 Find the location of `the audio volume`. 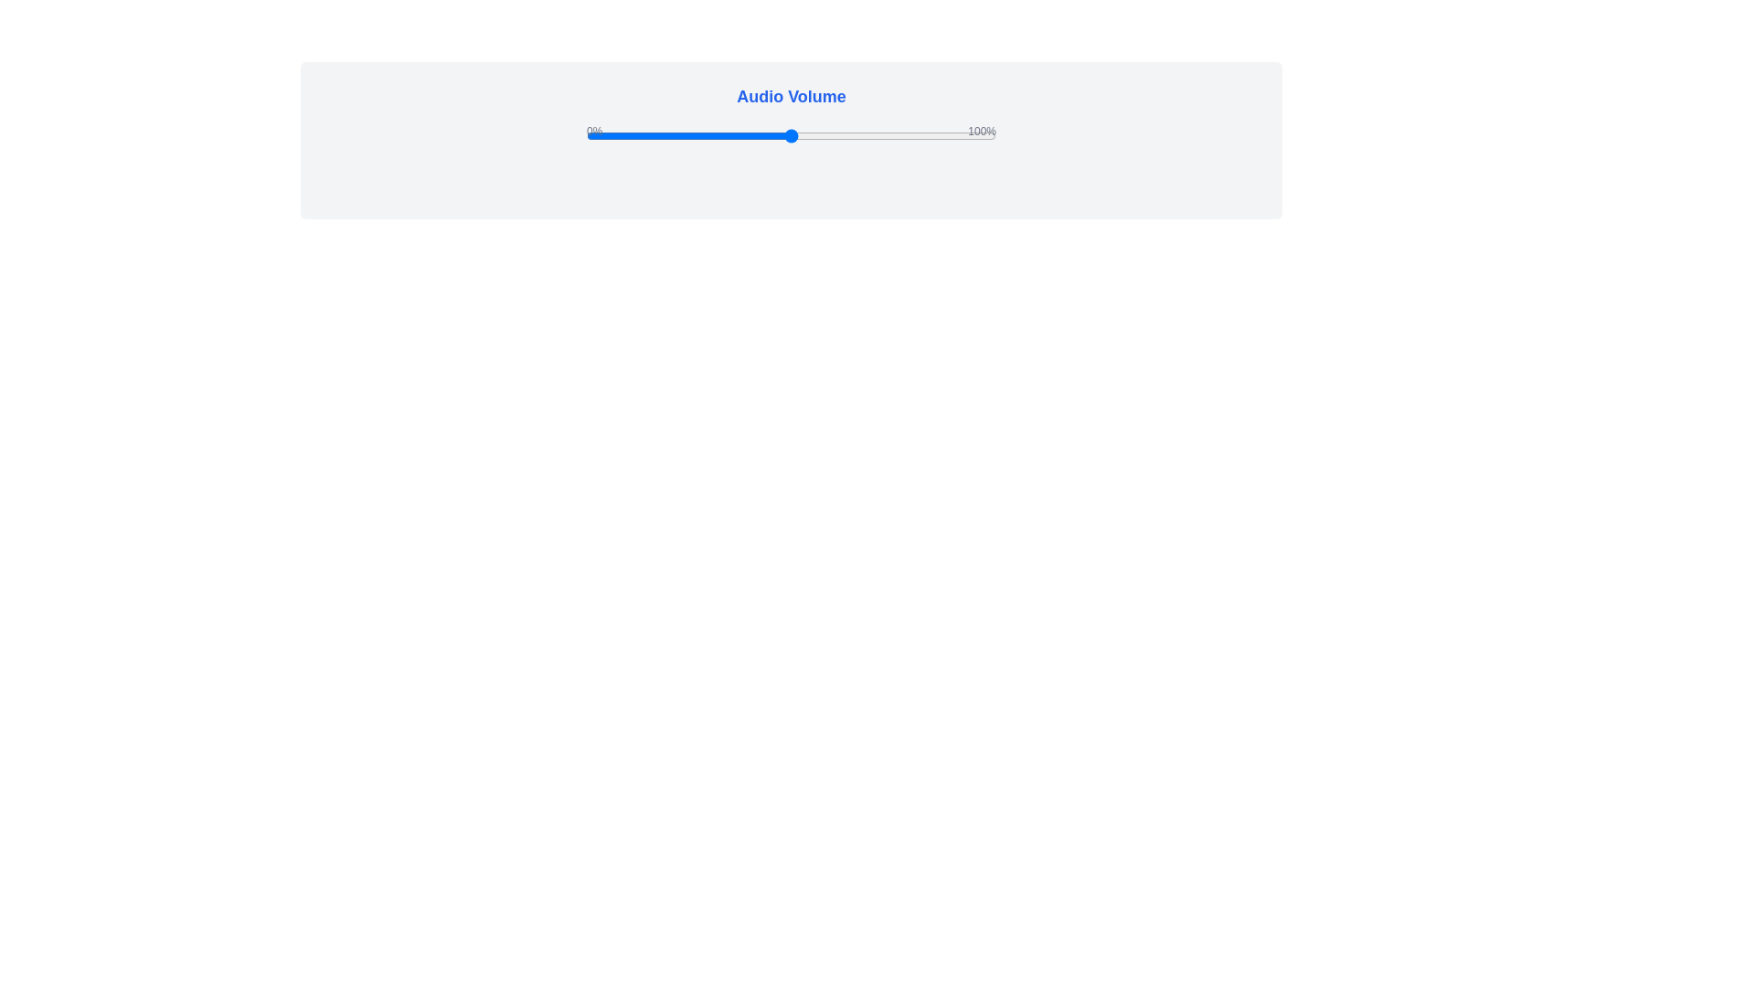

the audio volume is located at coordinates (942, 135).